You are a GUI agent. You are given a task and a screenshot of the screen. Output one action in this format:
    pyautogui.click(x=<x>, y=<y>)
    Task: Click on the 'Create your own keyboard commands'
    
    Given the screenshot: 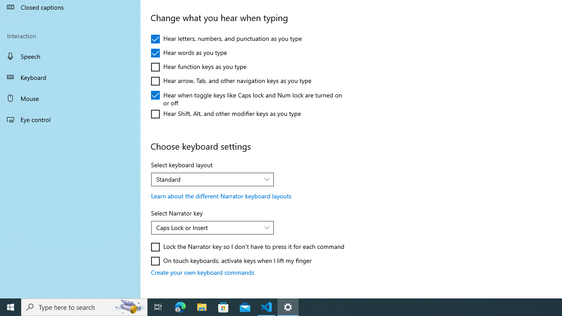 What is the action you would take?
    pyautogui.click(x=202, y=272)
    